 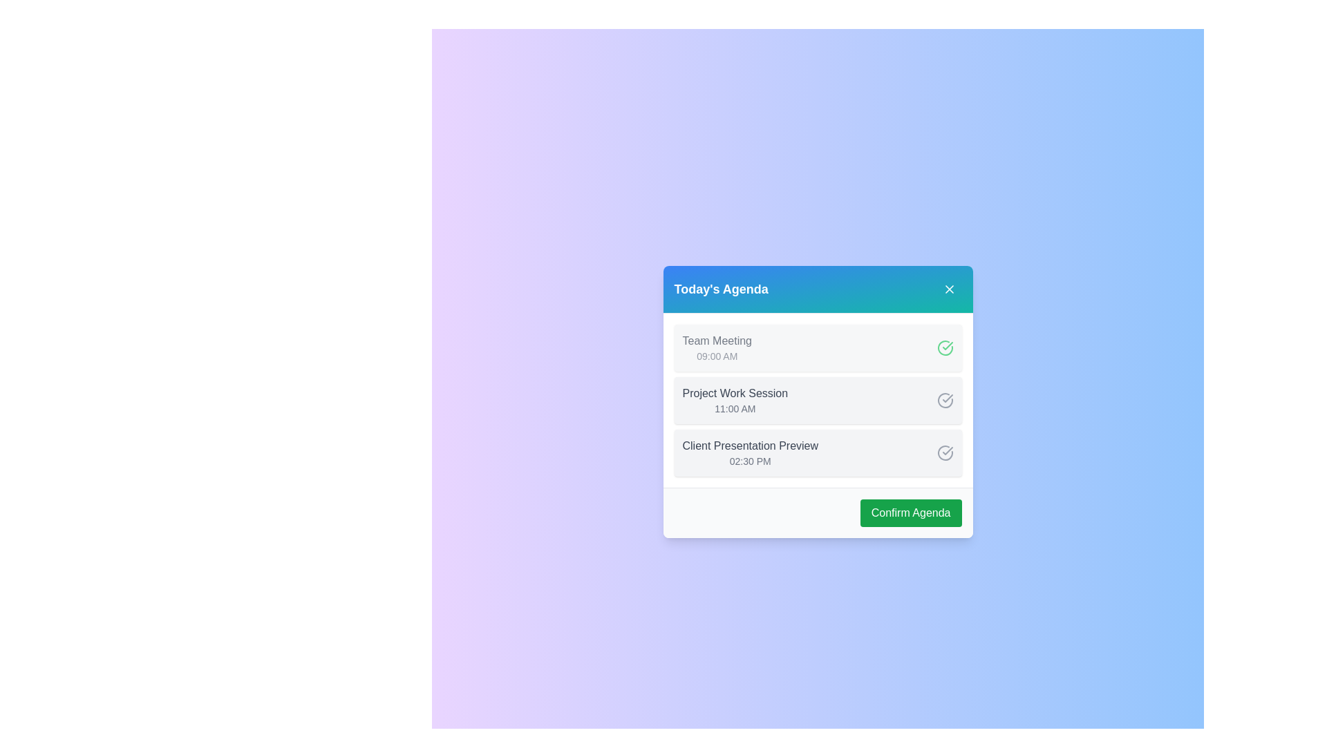 I want to click on the 'X' button in the header to close the dialog, so click(x=948, y=289).